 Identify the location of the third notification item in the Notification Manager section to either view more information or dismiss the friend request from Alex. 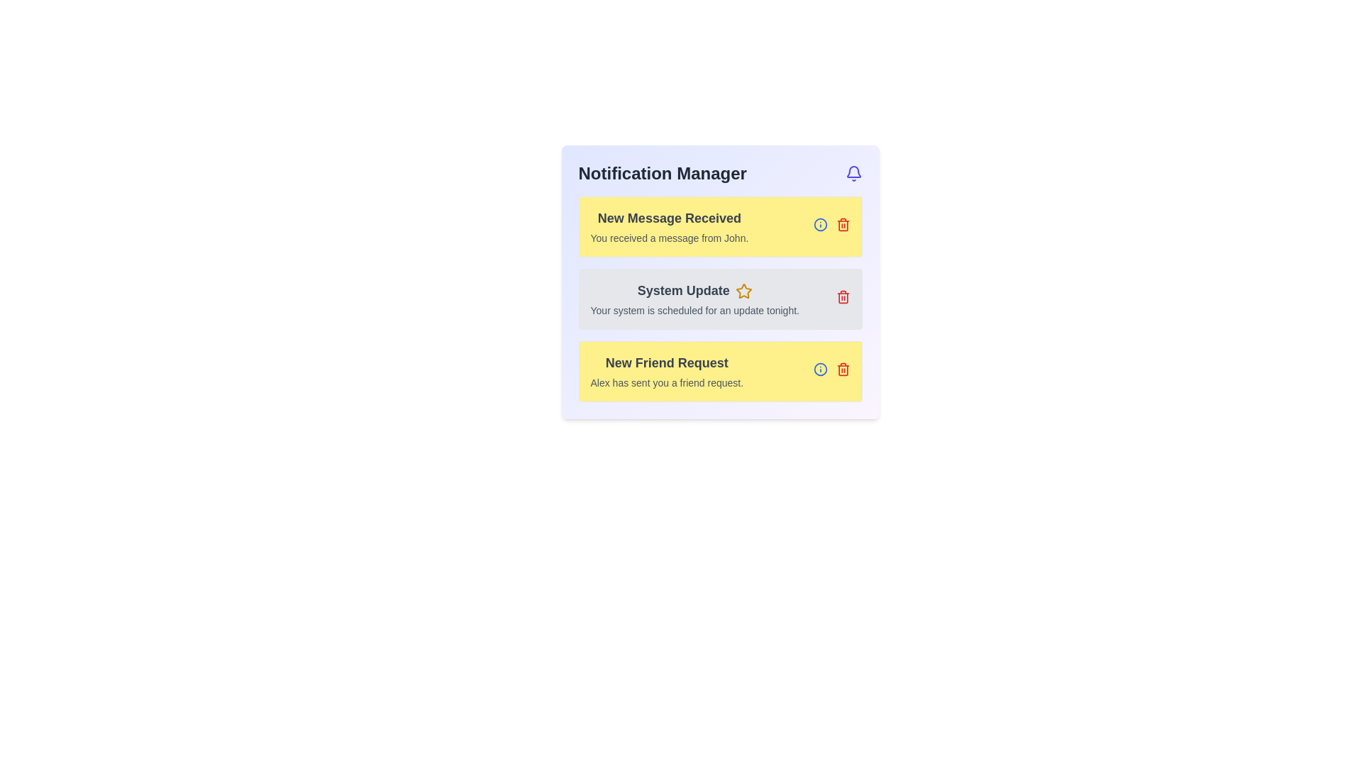
(720, 371).